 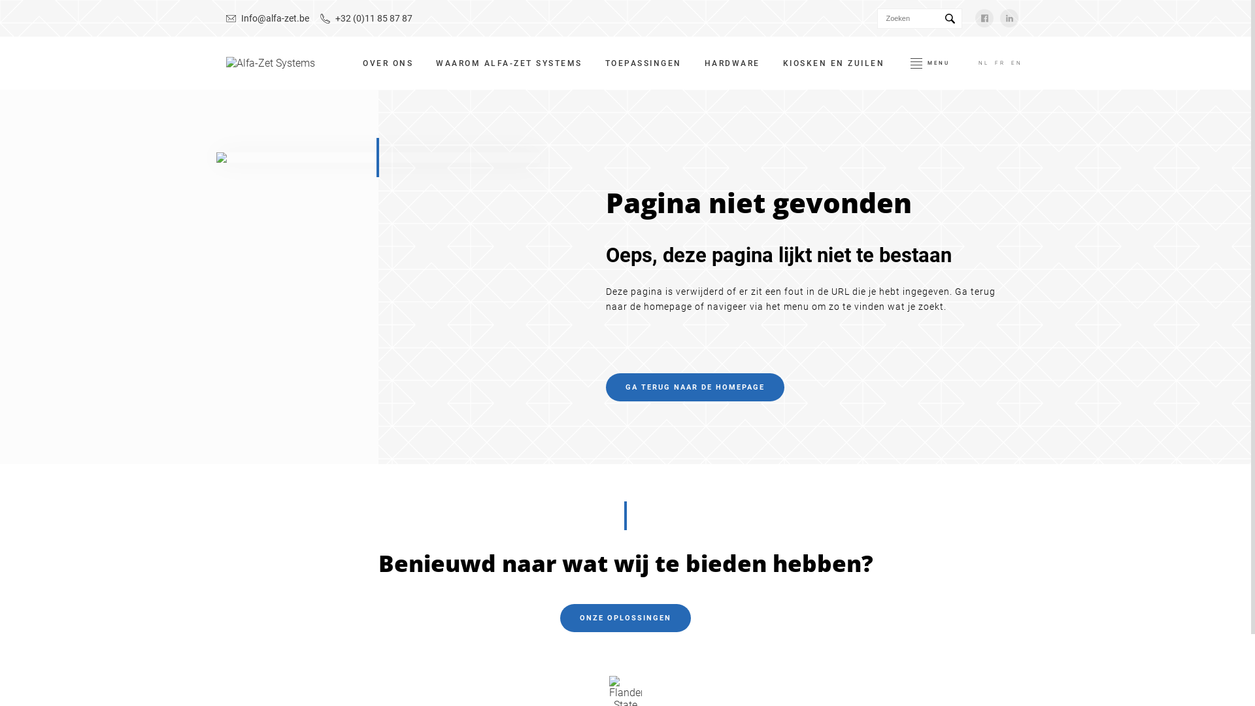 What do you see at coordinates (1009, 18) in the screenshot?
I see `'Alfa-Zet Systems Linkedin'` at bounding box center [1009, 18].